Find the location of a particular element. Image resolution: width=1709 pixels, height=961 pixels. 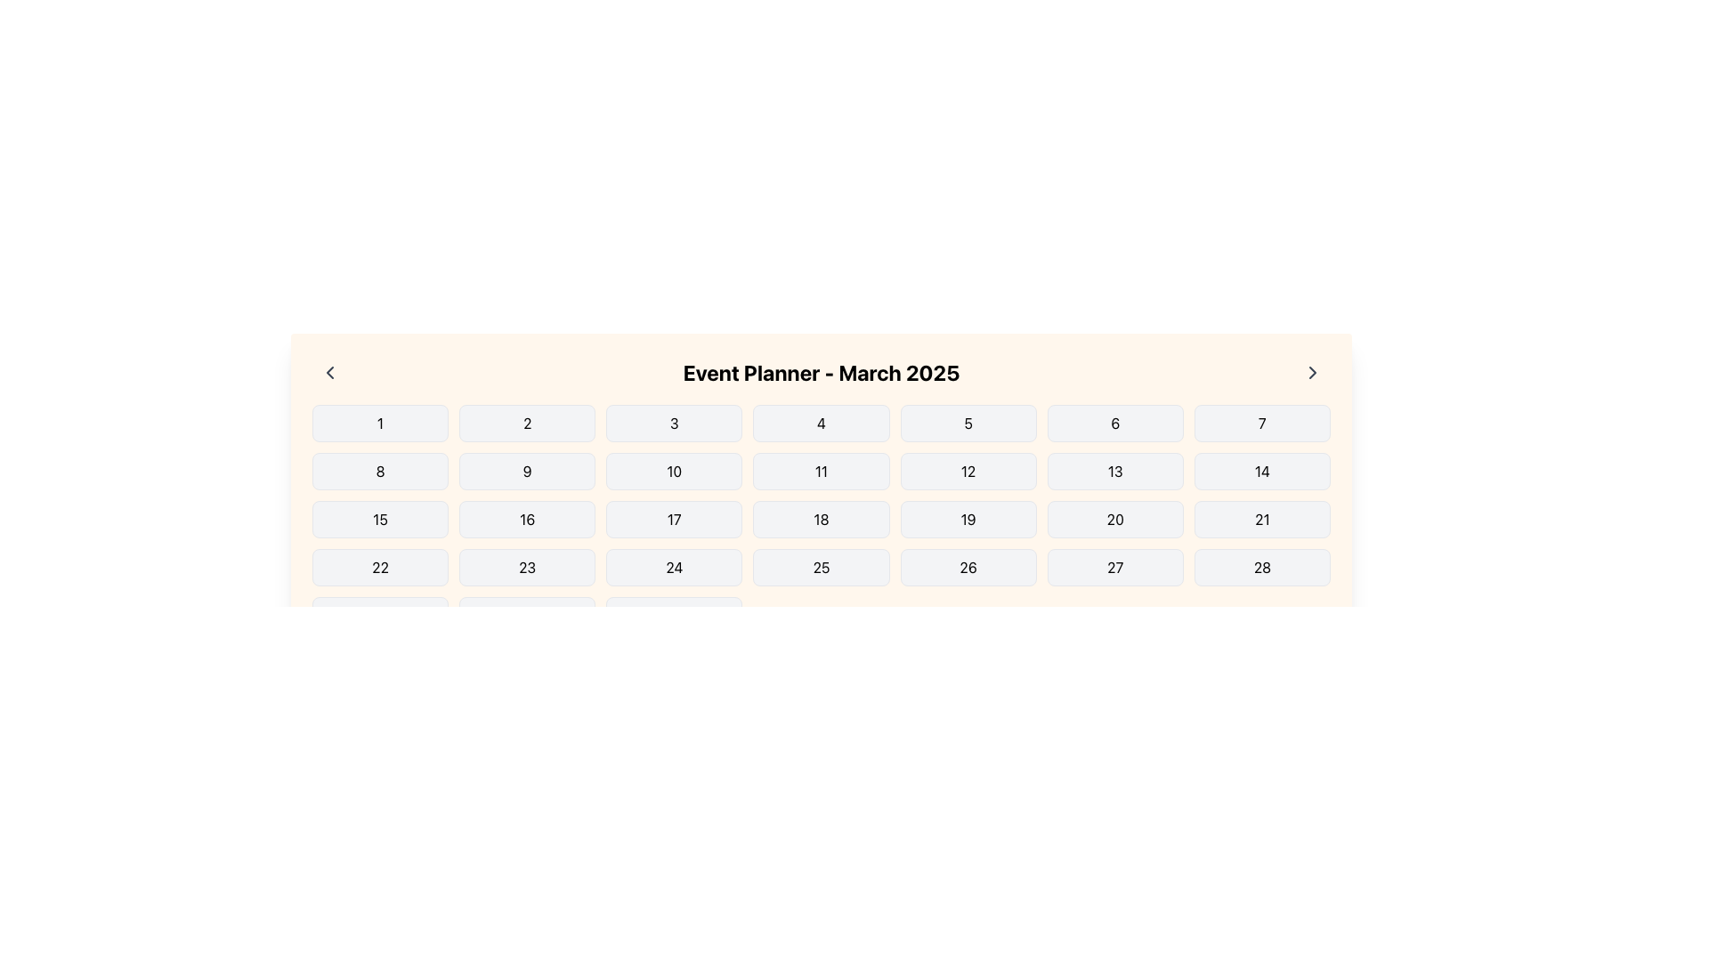

the button representing the 17th day of the month in the Event Planner - March 2025 calendar interface is located at coordinates (673, 519).